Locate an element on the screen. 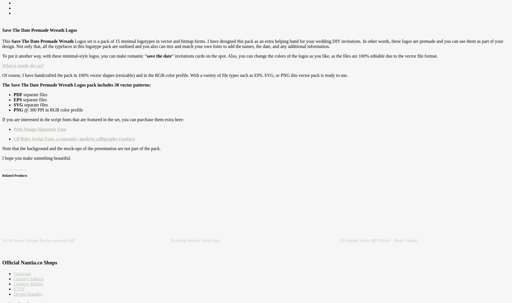 The width and height of the screenshot is (512, 303). 'Petit Nuage Signature Font' is located at coordinates (39, 129).